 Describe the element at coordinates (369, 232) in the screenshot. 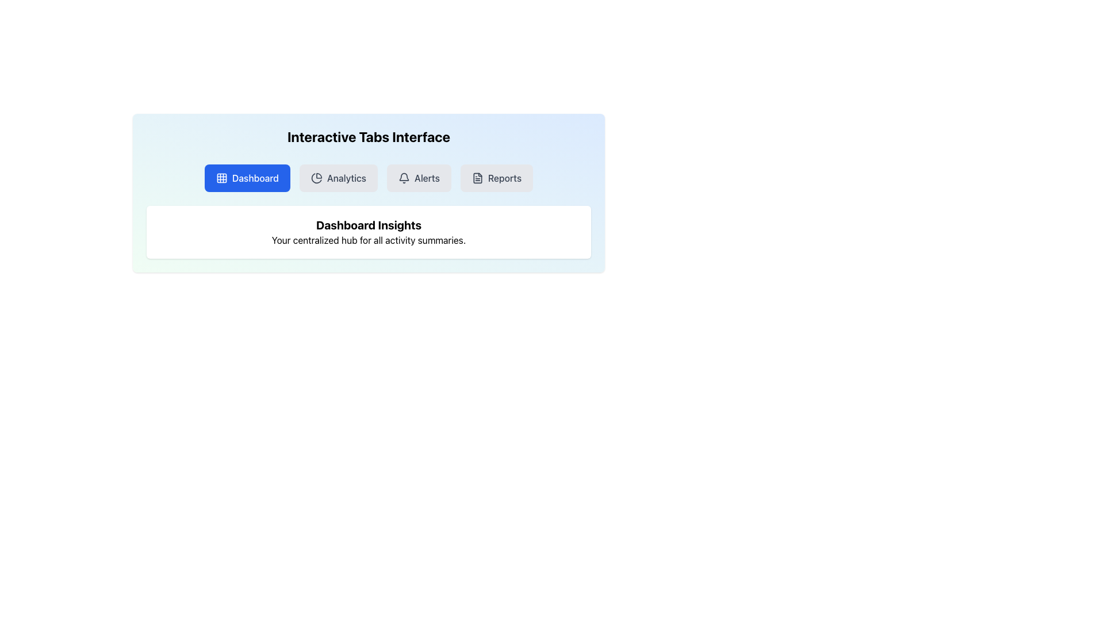

I see `text element displaying the title 'Dashboard Insights' and subtitle 'Your centralized hub for all activity summaries.' located at the center bottom of the interface's main section, below the blue 'Dashboard' button` at that location.